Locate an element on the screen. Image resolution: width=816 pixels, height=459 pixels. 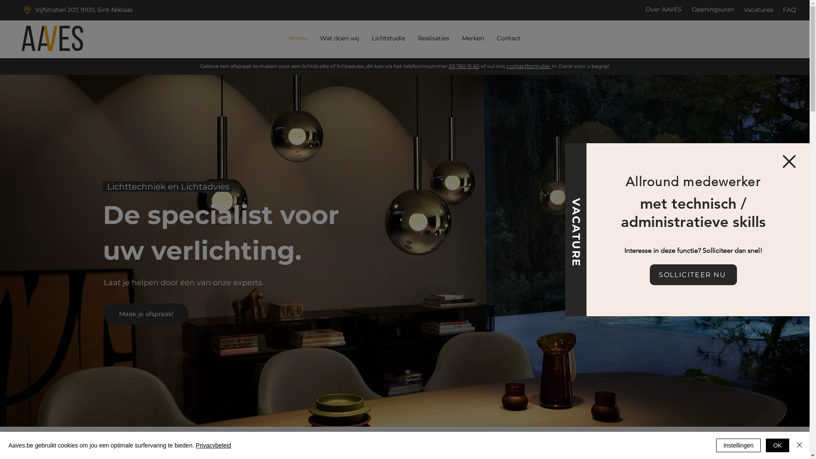
'Maak je afspraak!' is located at coordinates (103, 314).